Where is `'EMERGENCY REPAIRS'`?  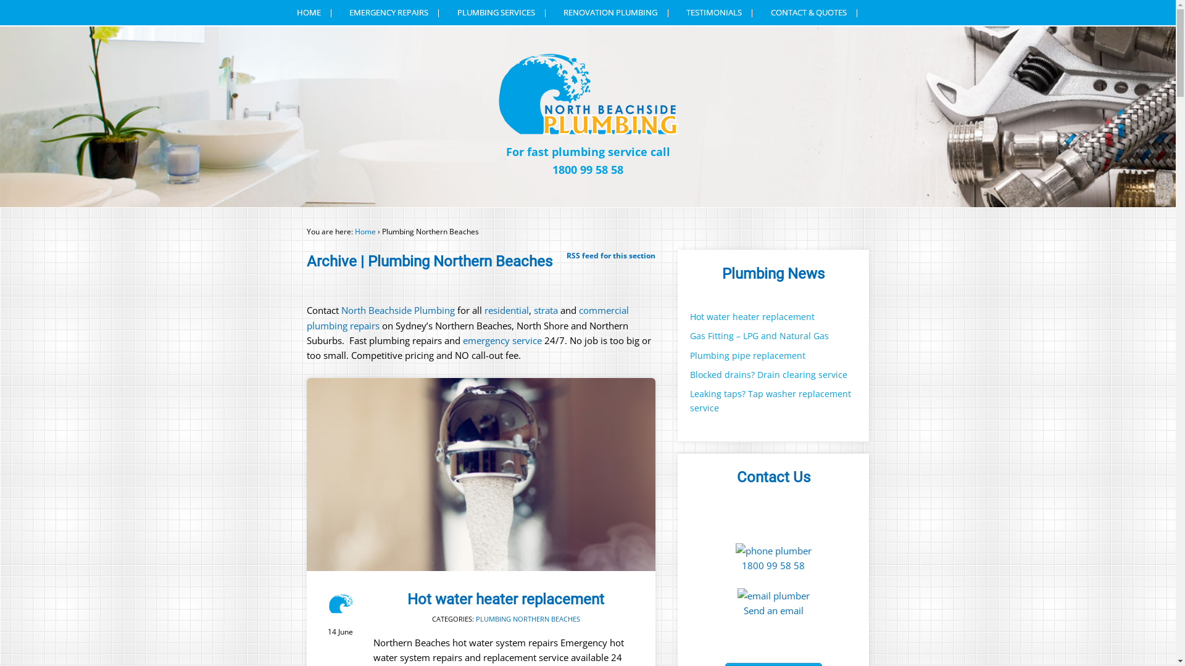 'EMERGENCY REPAIRS' is located at coordinates (395, 12).